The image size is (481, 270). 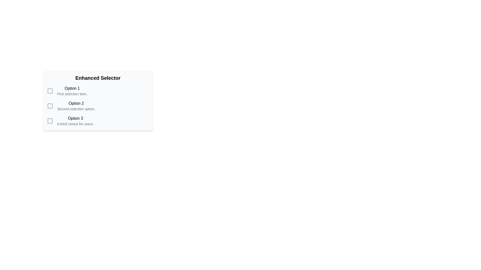 What do you see at coordinates (75, 124) in the screenshot?
I see `the Text label providing supplementary information for 'Option 3', positioned below the bold 'Option 3' text` at bounding box center [75, 124].